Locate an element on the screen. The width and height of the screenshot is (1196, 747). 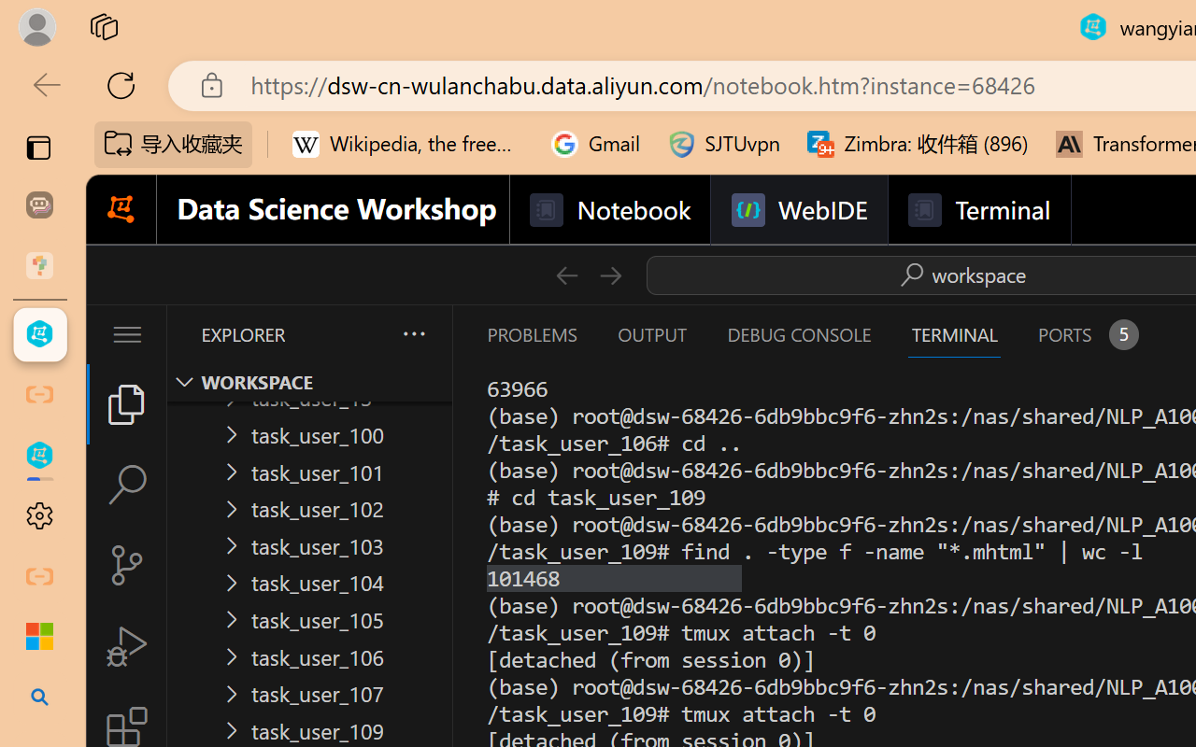
'wangyian_dsw - DSW' is located at coordinates (39, 334).